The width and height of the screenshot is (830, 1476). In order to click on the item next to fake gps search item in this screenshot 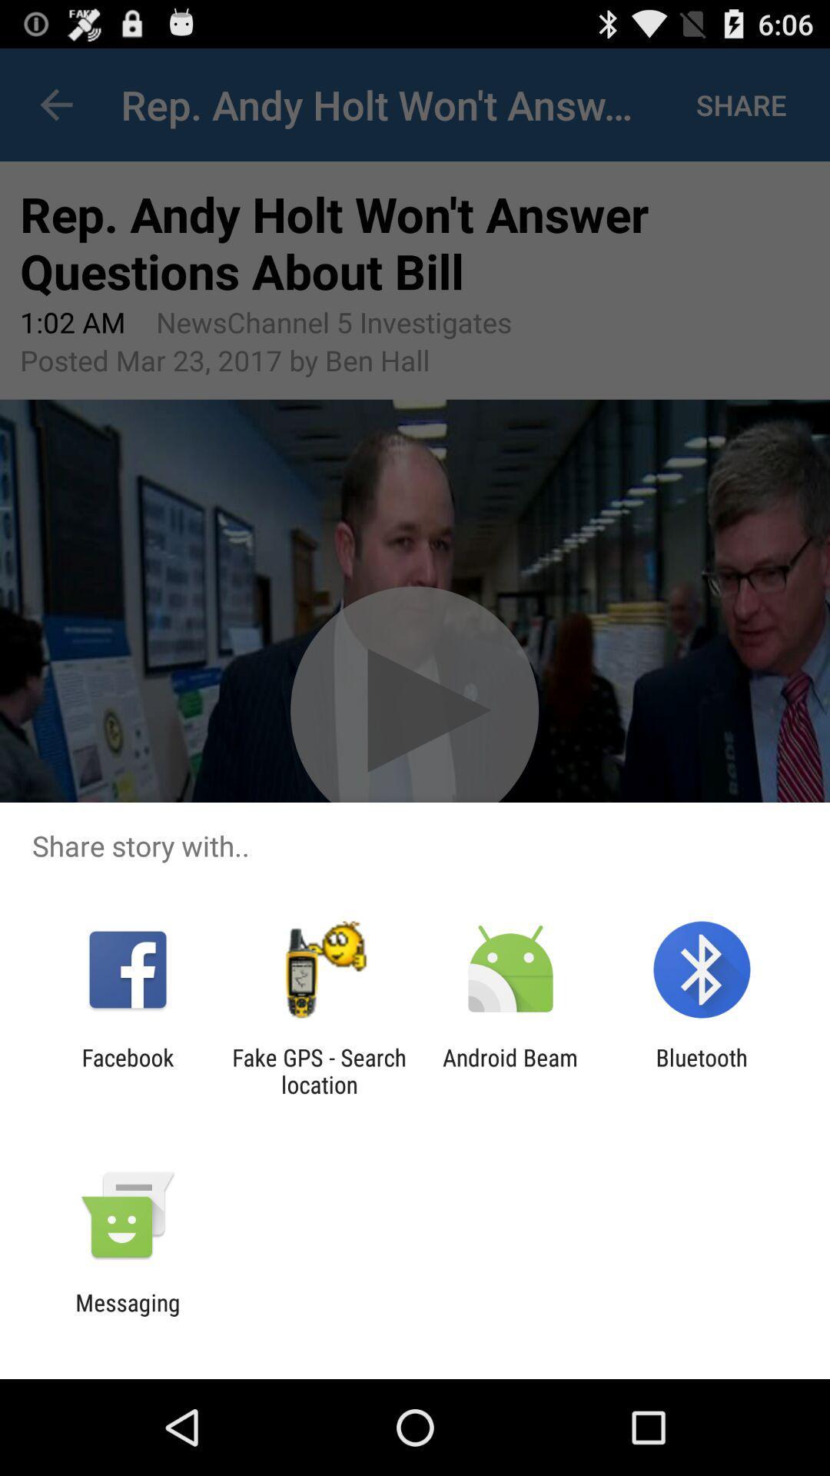, I will do `click(510, 1070)`.